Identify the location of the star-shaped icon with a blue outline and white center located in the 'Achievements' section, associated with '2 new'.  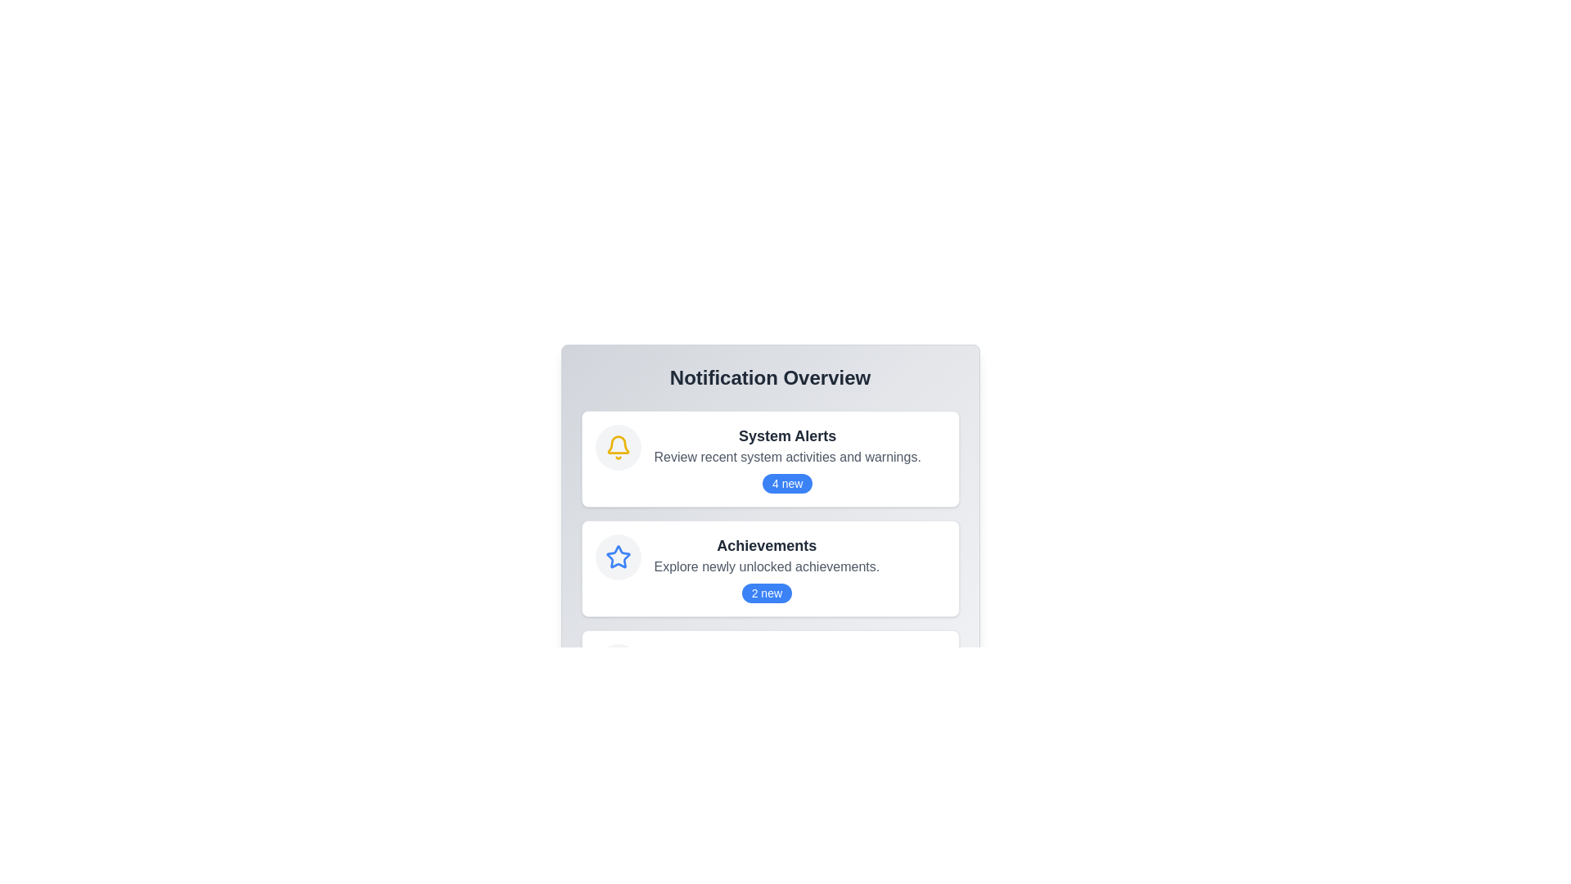
(617, 556).